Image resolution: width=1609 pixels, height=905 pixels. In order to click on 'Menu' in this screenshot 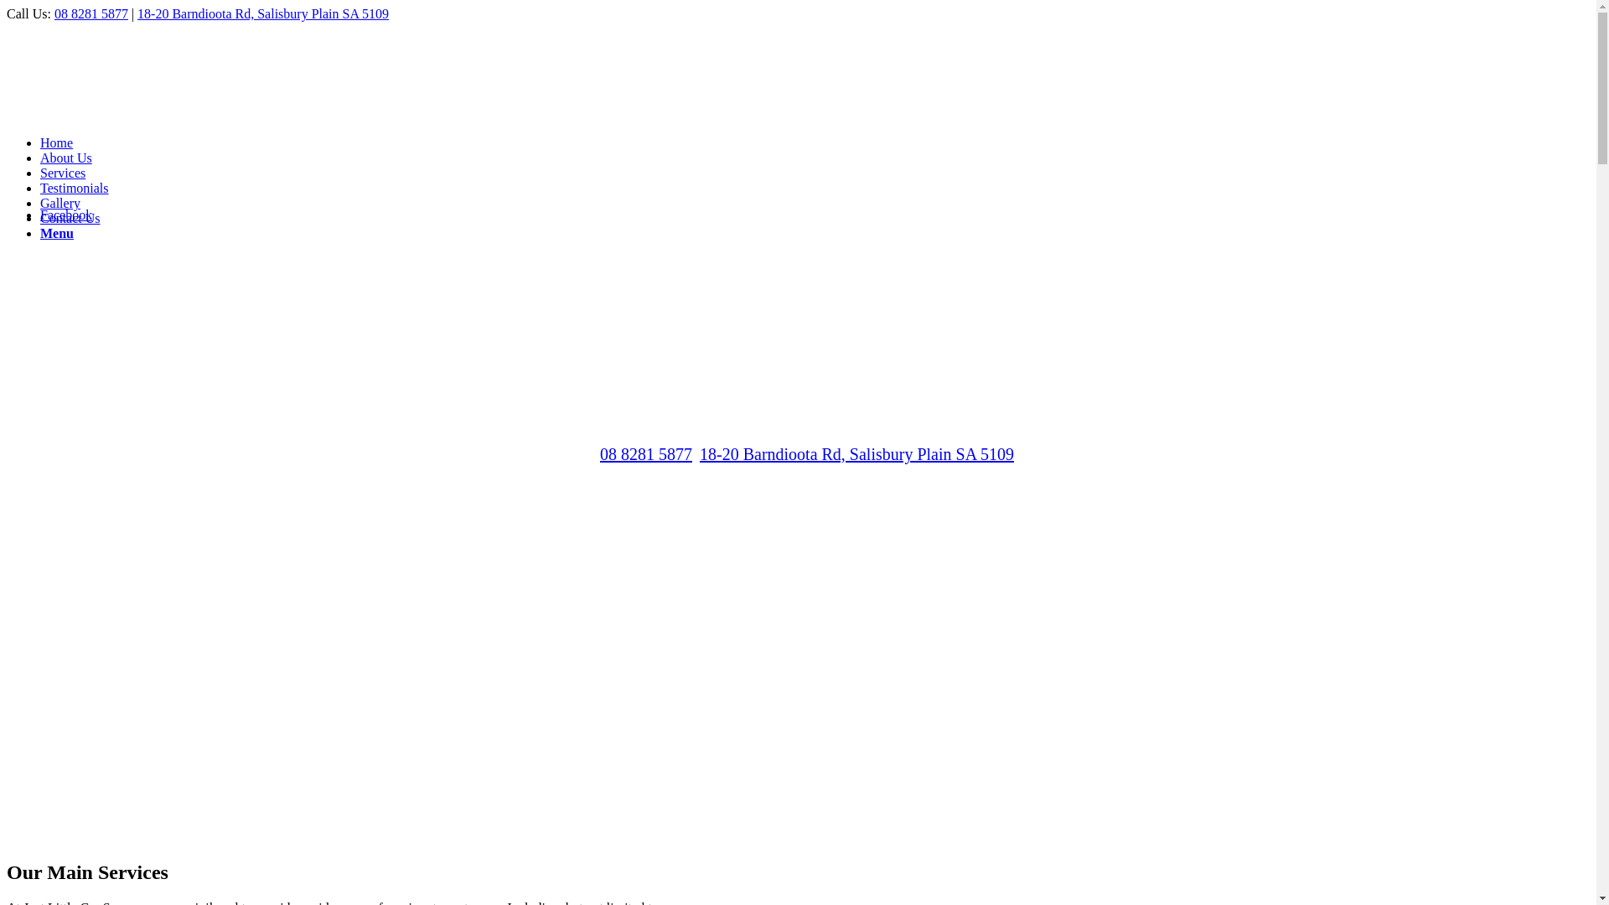, I will do `click(56, 233)`.